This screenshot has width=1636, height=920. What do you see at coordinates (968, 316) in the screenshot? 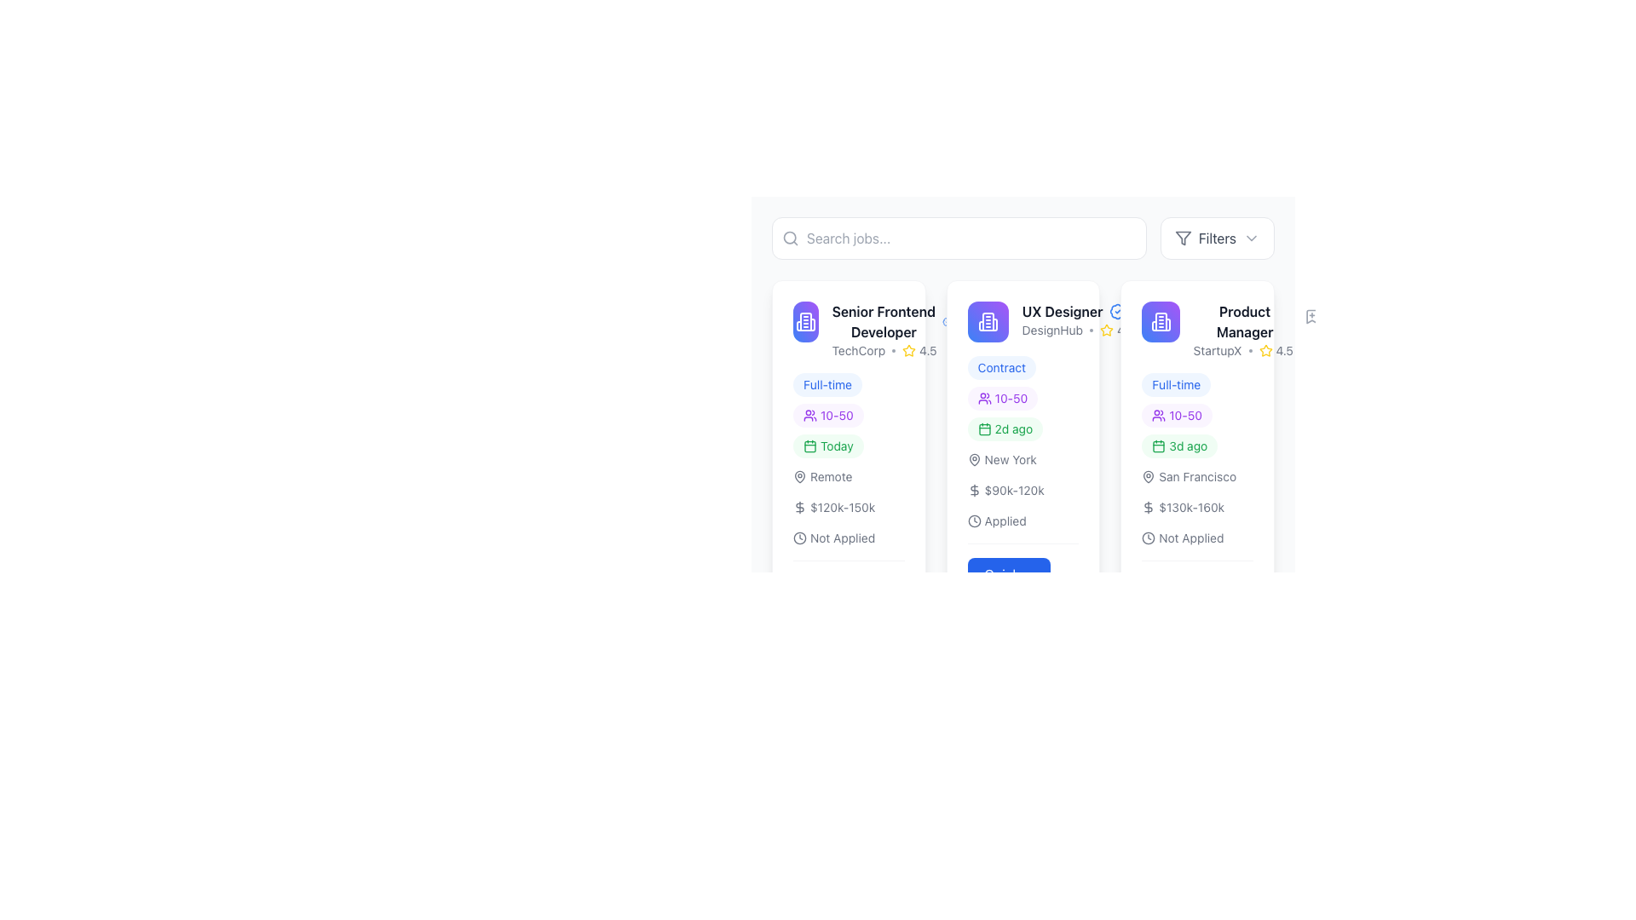
I see `the bookmark icon with a plus symbol located at the top-right of the UX Designer job card to bookmark the associated job posting` at bounding box center [968, 316].